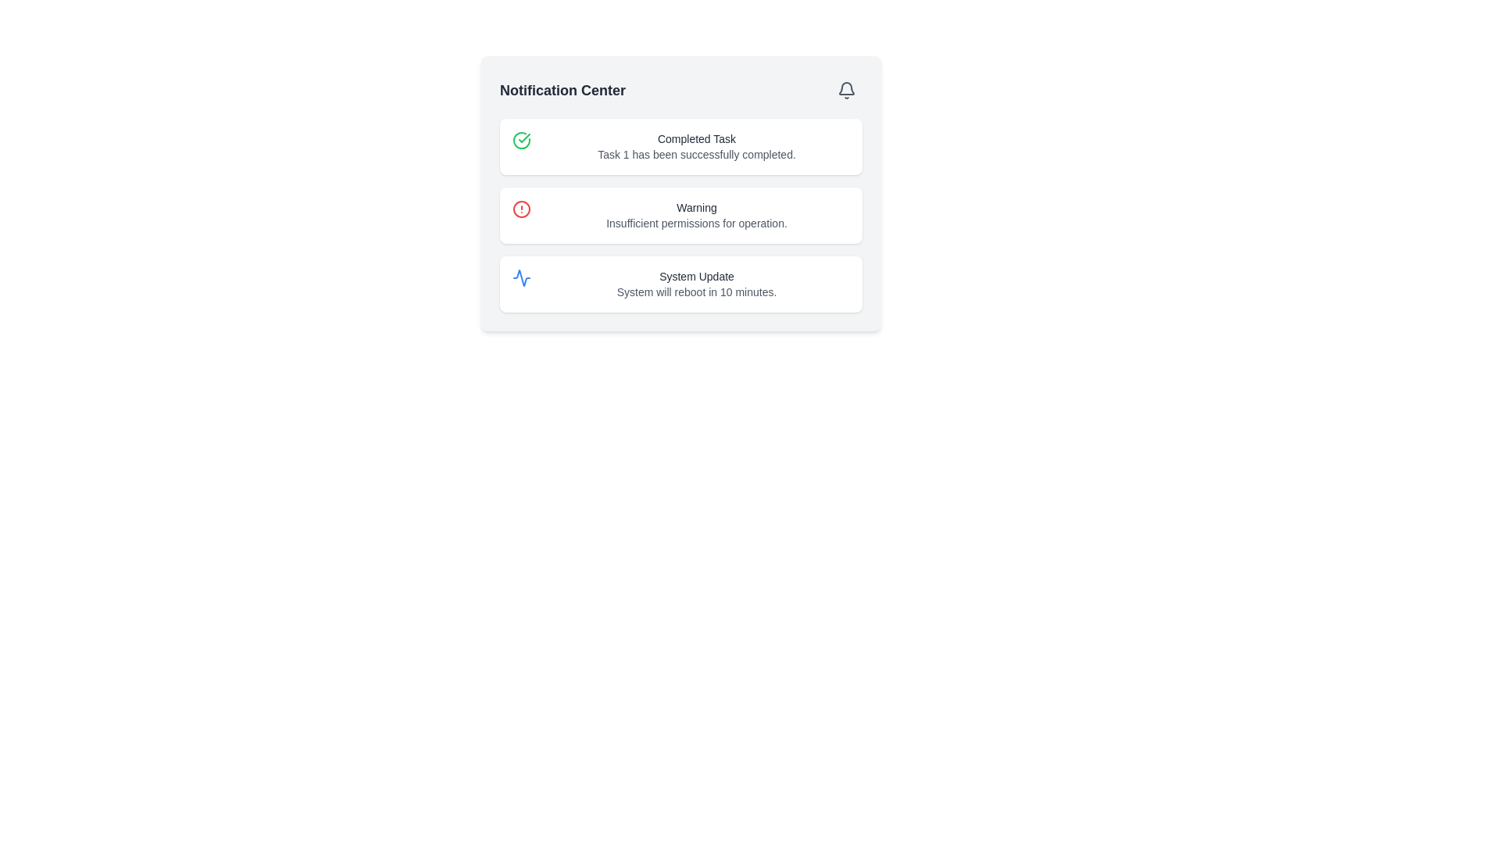 The image size is (1500, 844). I want to click on the notification icon button located in the top-right corner of the 'Notification Center' card, so click(846, 90).